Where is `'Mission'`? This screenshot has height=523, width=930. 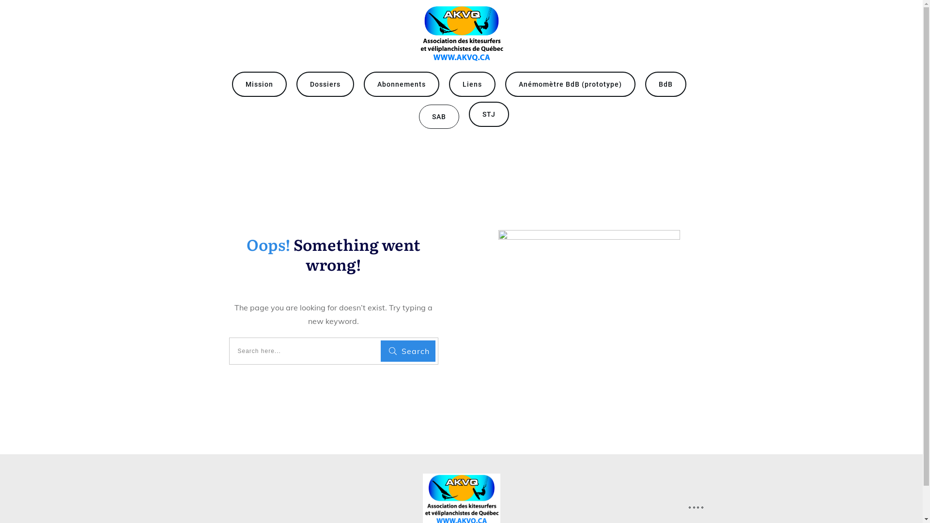 'Mission' is located at coordinates (259, 83).